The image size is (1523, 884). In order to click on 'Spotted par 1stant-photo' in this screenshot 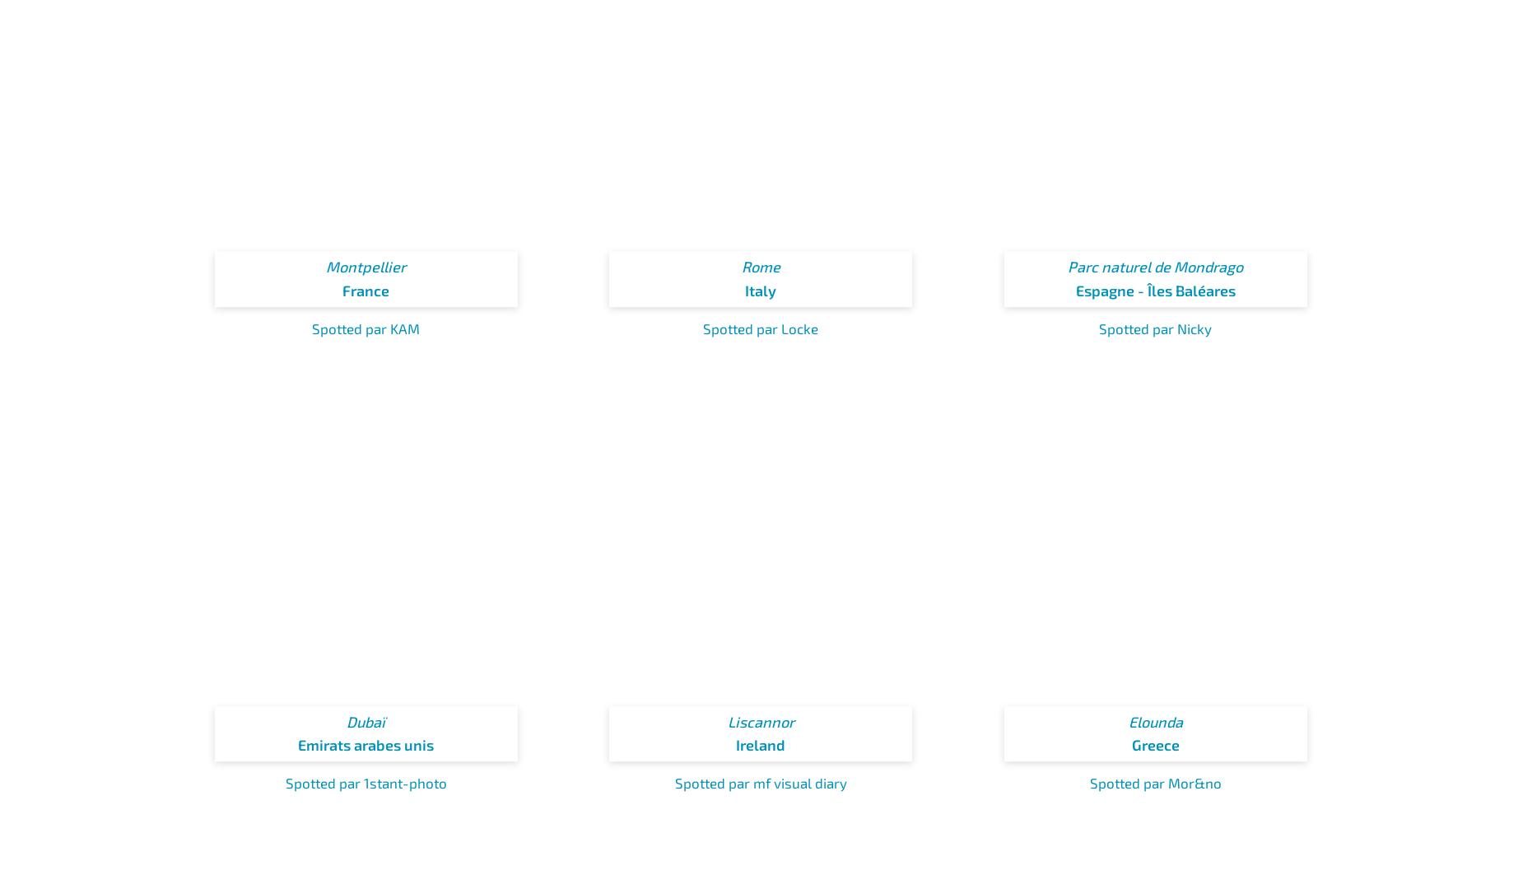, I will do `click(365, 783)`.